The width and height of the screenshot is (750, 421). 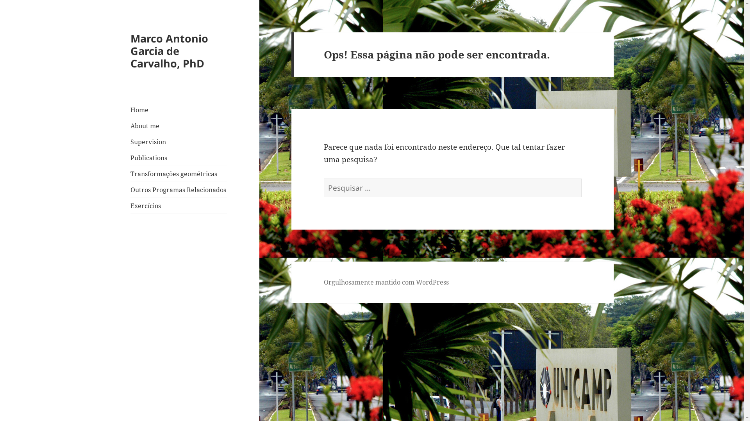 What do you see at coordinates (178, 126) in the screenshot?
I see `'About me'` at bounding box center [178, 126].